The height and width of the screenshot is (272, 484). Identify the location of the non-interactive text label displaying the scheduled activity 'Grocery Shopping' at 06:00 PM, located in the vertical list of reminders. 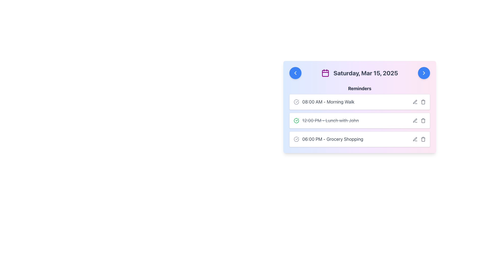
(333, 139).